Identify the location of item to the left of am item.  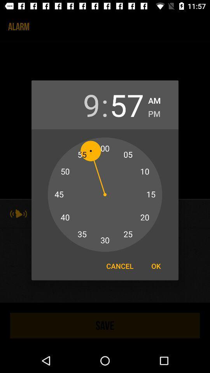
(127, 104).